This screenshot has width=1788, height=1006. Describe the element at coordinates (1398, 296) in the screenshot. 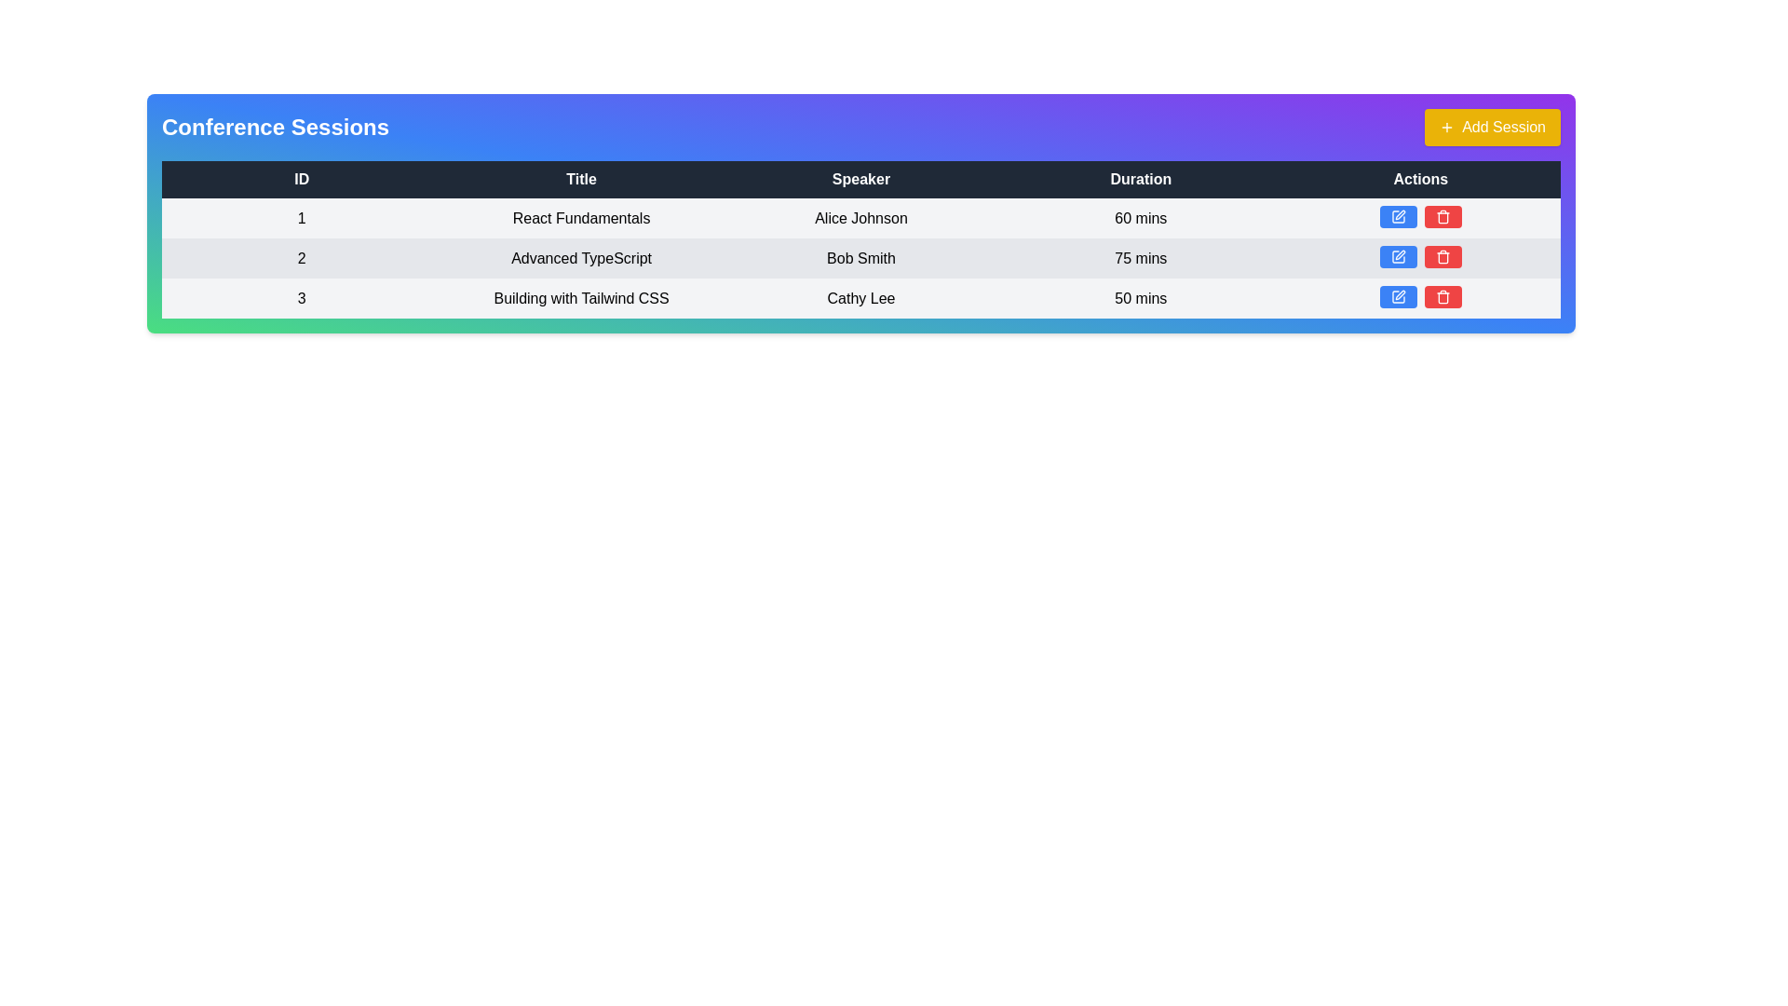

I see `the first button in the 'Actions' column of the last row in the visible table, which has a blue background, white text, and a pen-shaped icon indicating an 'edit' functionality` at that location.